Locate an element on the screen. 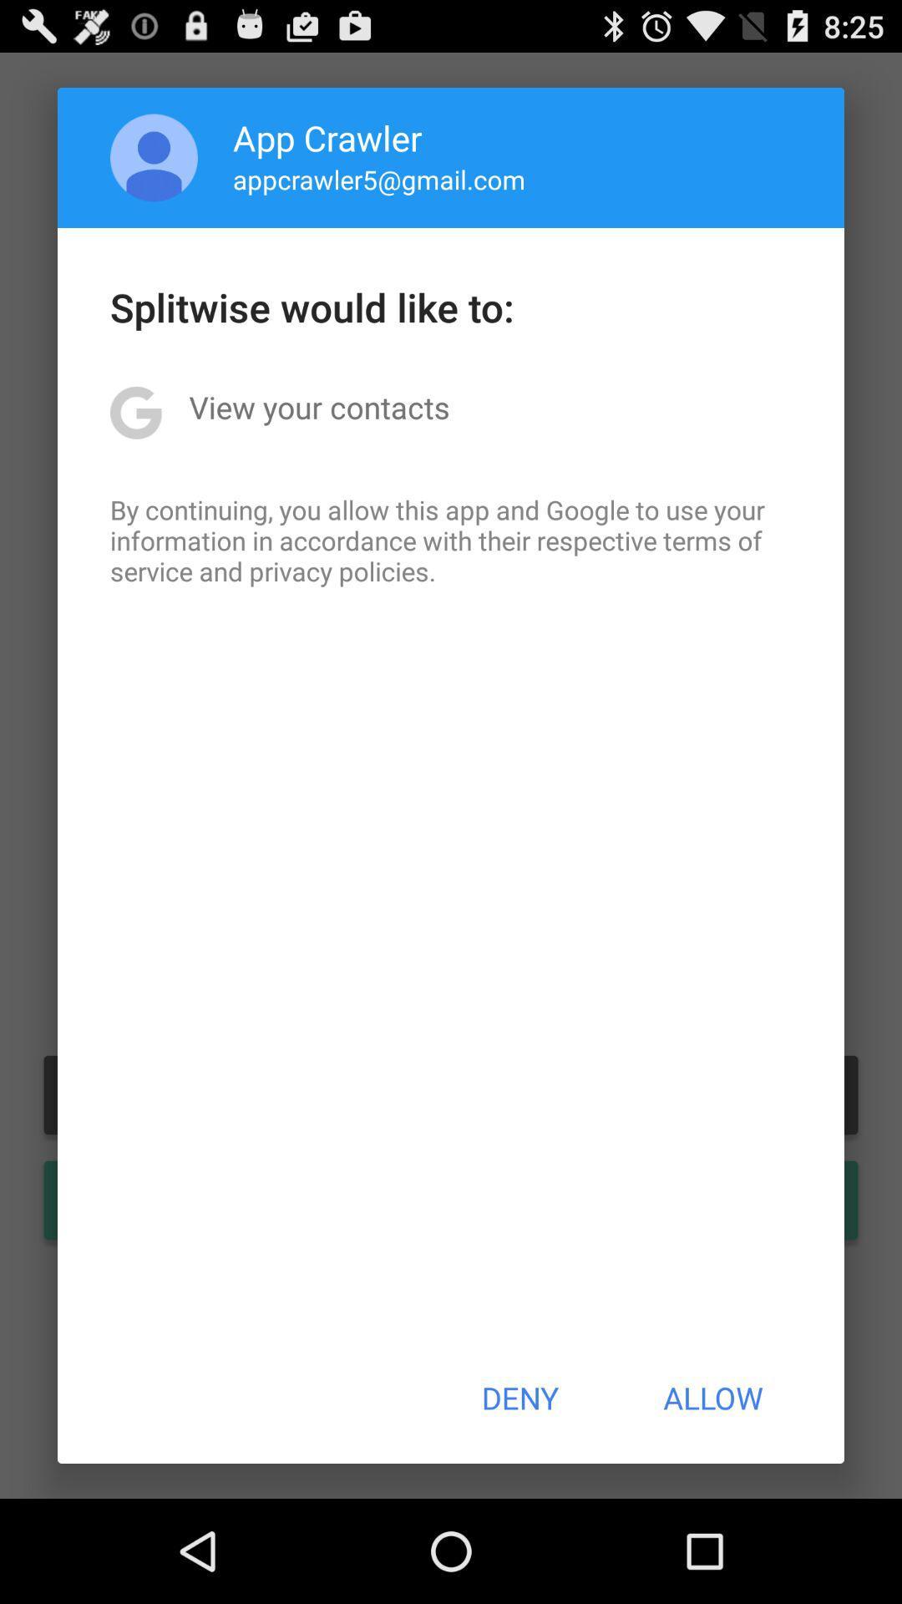 The height and width of the screenshot is (1604, 902). view your contacts icon is located at coordinates (319, 407).